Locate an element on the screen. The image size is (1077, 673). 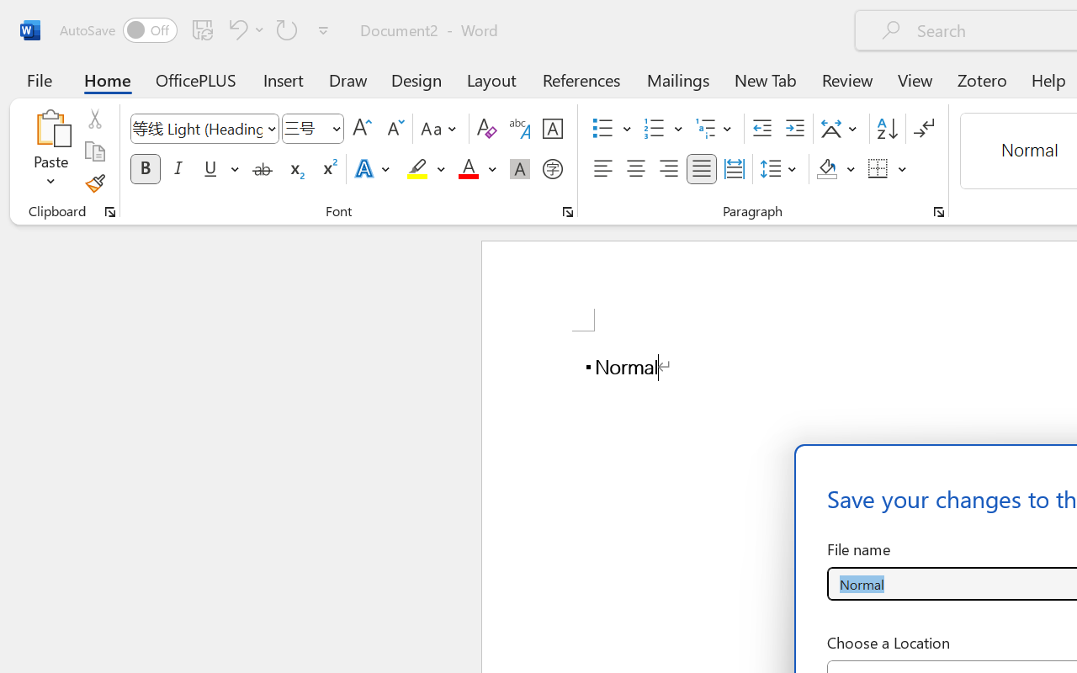
'Review' is located at coordinates (847, 79).